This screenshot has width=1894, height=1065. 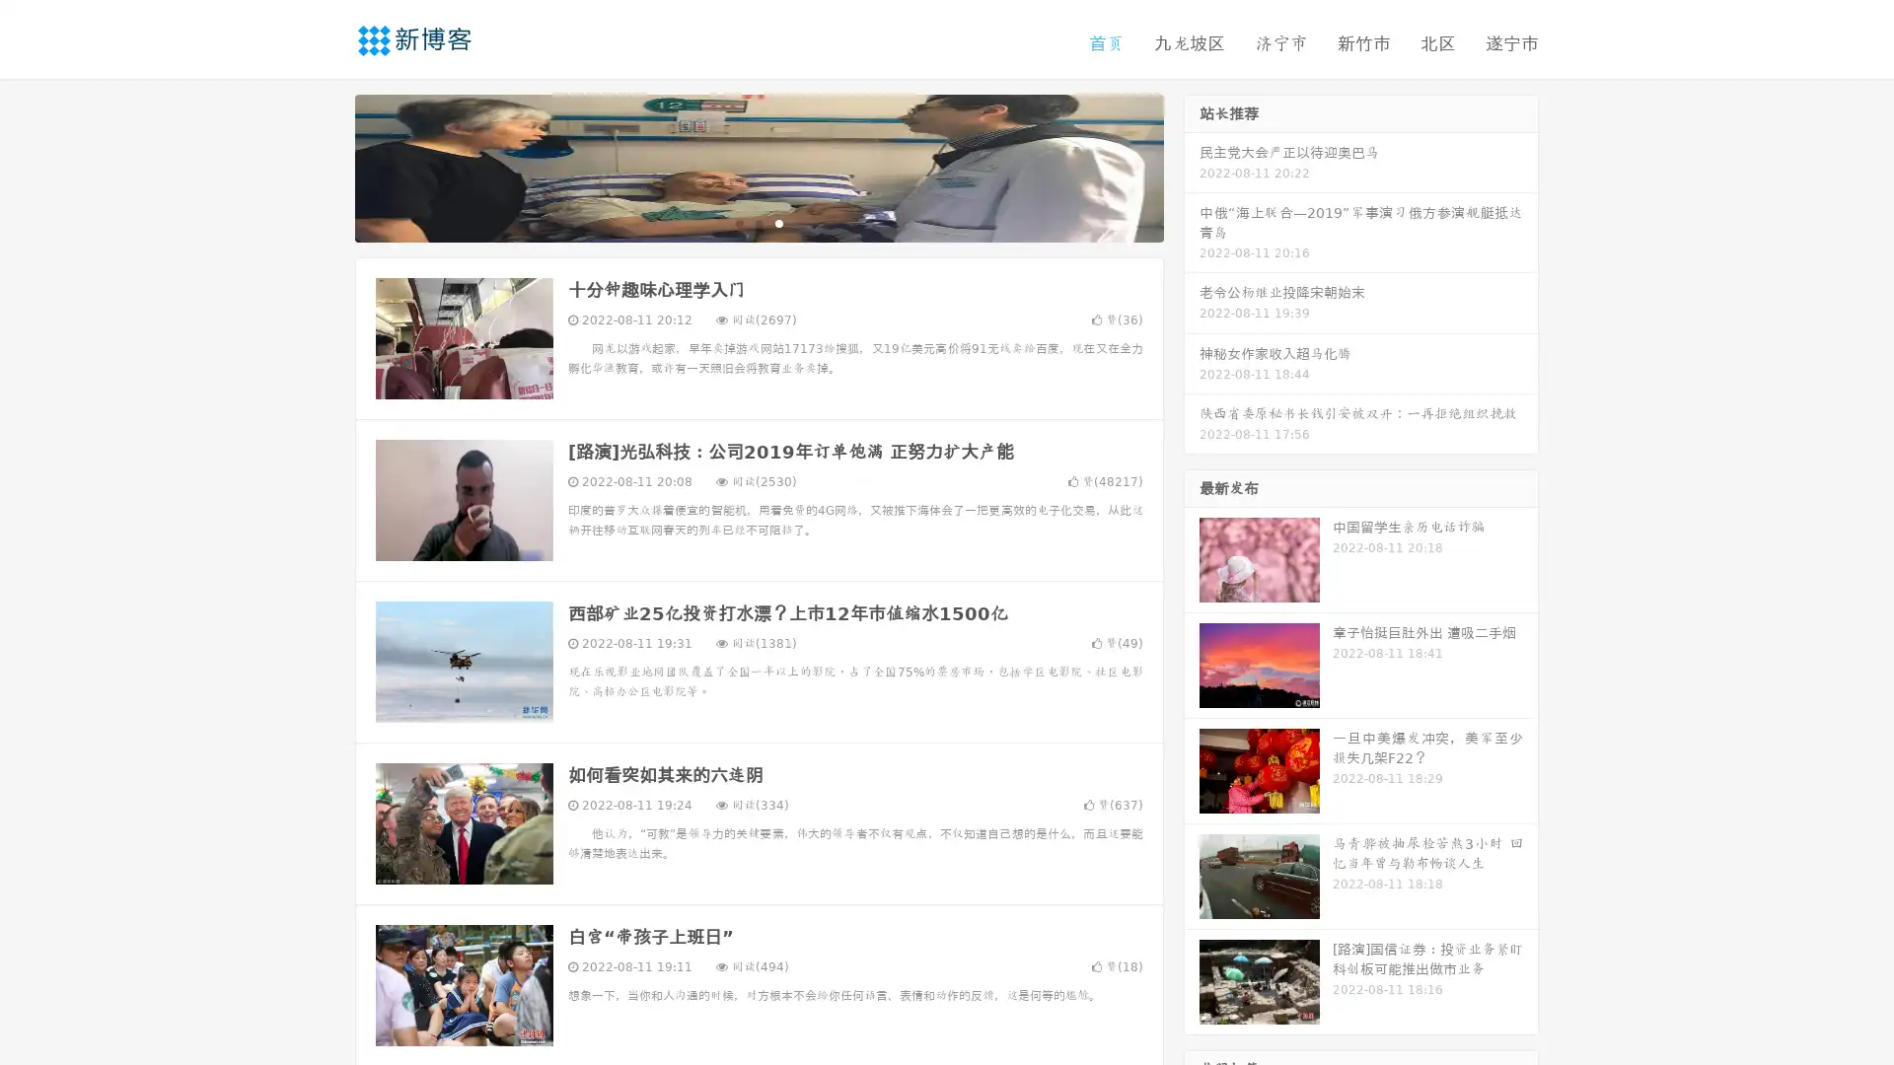 I want to click on Go to slide 3, so click(x=778, y=222).